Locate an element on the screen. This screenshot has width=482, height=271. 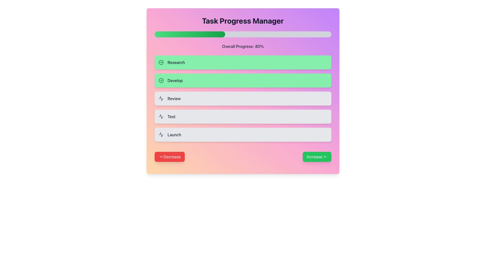
the icon representing activity or monitoring associated with the 'Test' item in the list, located within the horizontal card labeled 'Test' is located at coordinates (161, 117).